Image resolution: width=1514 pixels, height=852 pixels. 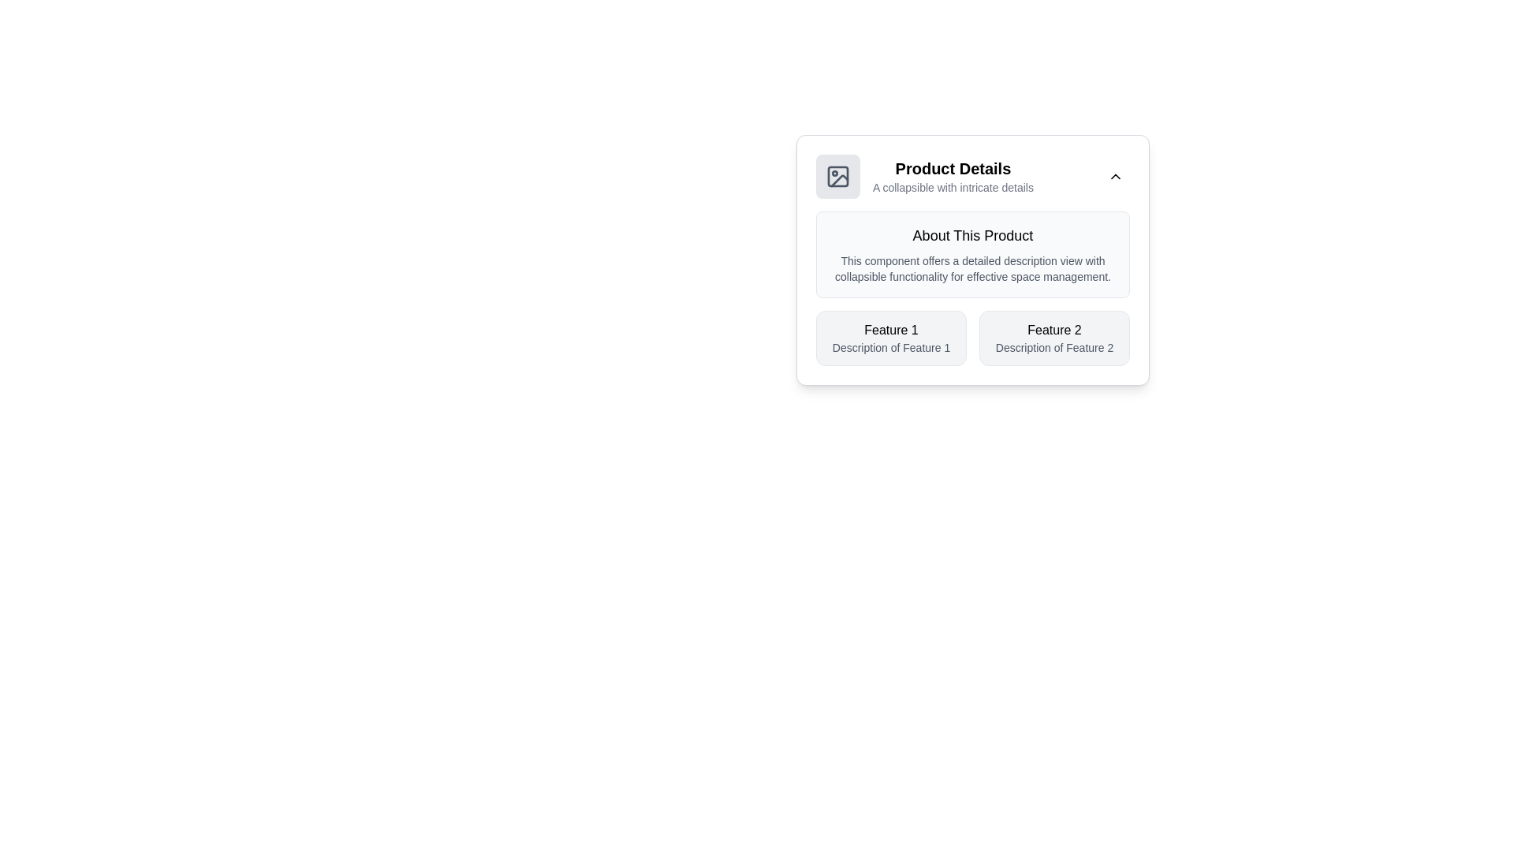 I want to click on the Chevron icon located in the top-right corner of the 'Product Details' section, so click(x=1115, y=176).